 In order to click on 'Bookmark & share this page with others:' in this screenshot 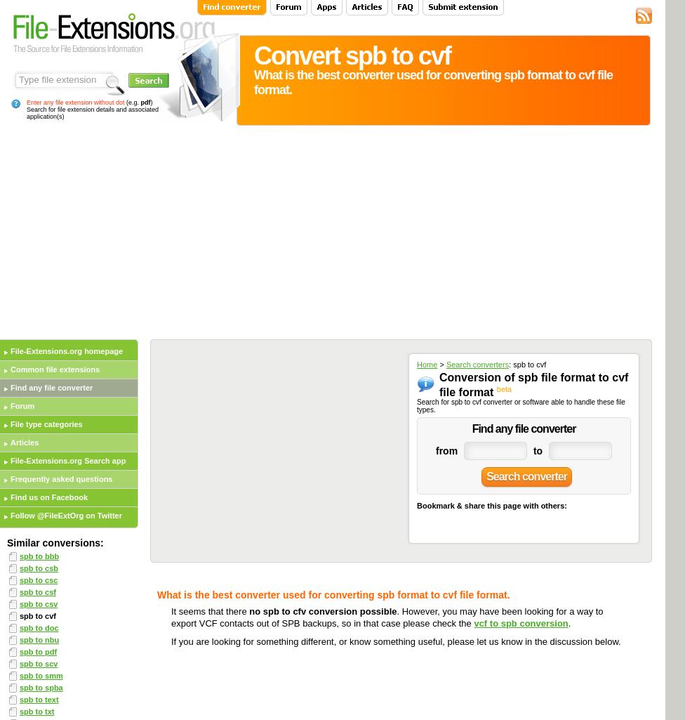, I will do `click(491, 504)`.